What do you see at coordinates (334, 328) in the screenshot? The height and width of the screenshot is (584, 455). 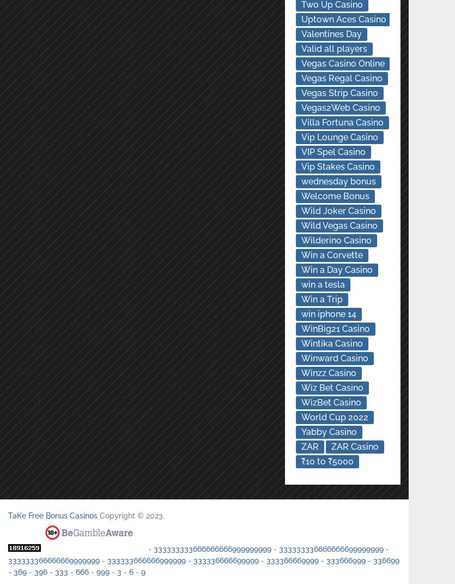 I see `'WinBig21 Casino'` at bounding box center [334, 328].